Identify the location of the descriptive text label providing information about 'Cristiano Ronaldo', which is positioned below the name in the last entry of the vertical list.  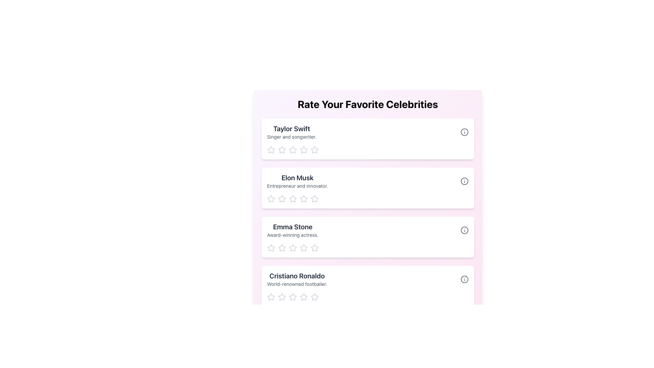
(297, 284).